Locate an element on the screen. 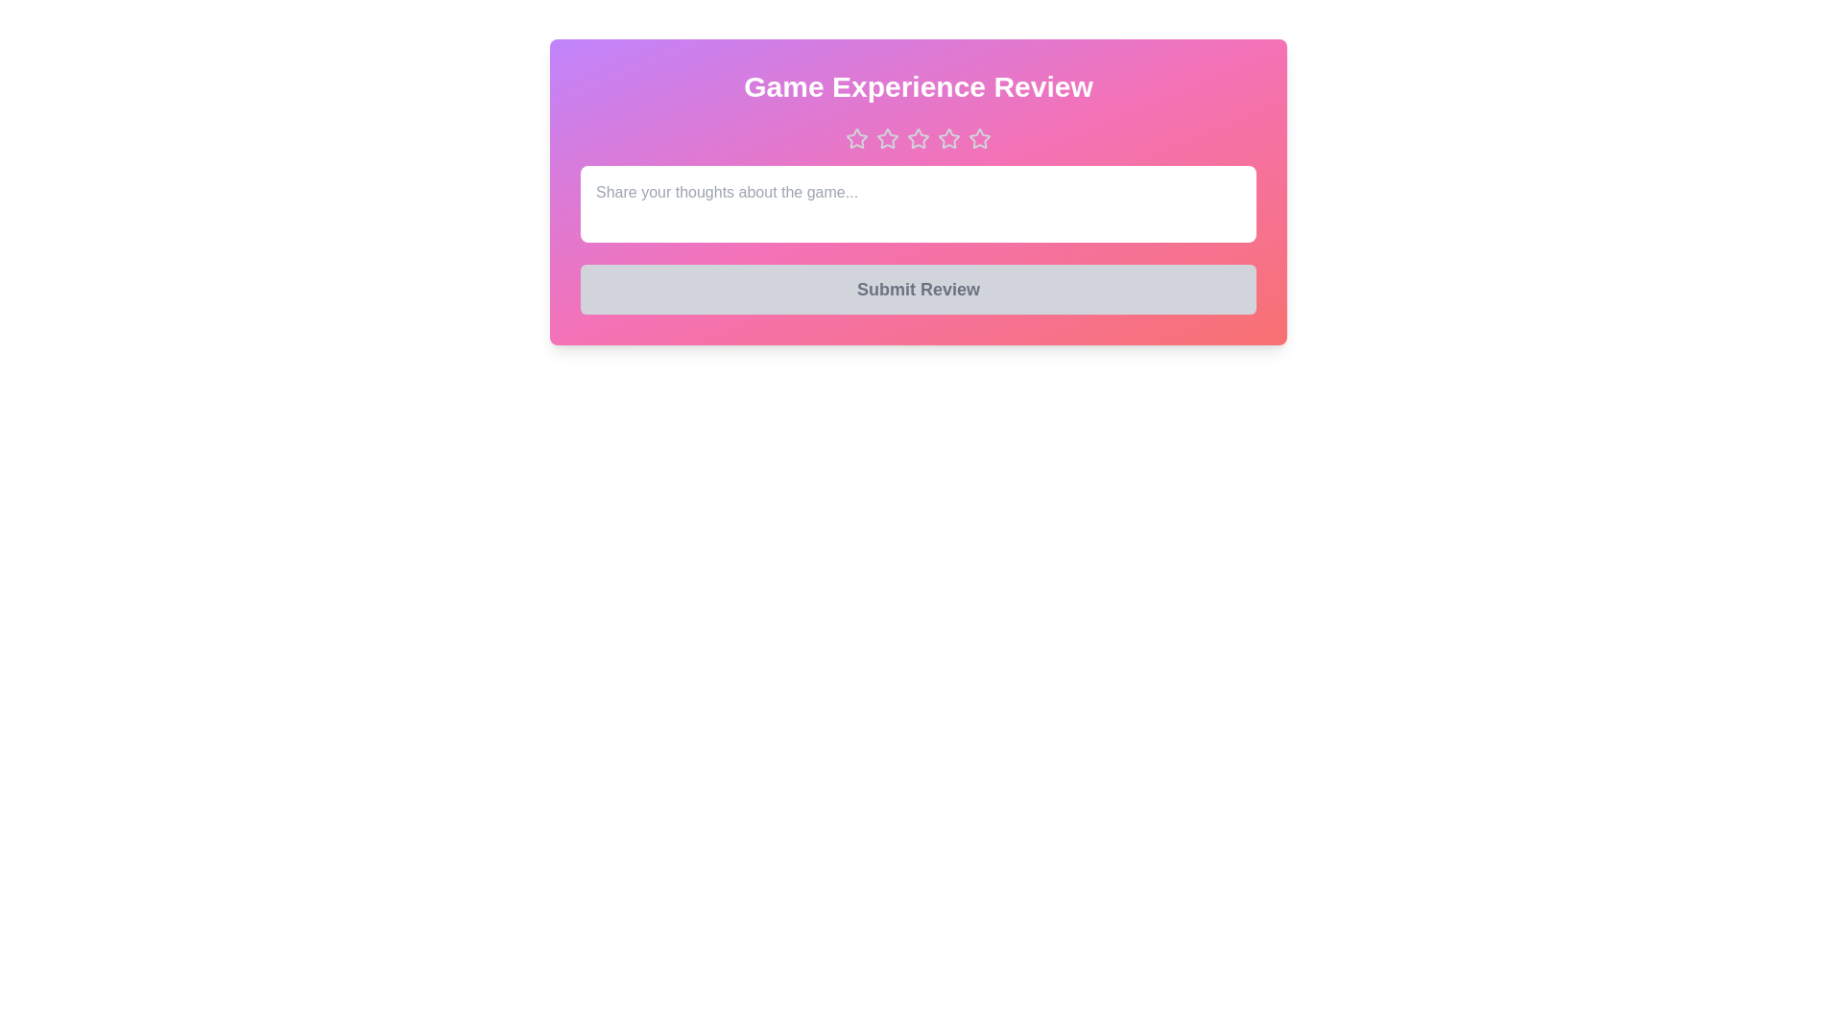 The image size is (1843, 1036). the star corresponding to the desired rating 5 is located at coordinates (980, 138).